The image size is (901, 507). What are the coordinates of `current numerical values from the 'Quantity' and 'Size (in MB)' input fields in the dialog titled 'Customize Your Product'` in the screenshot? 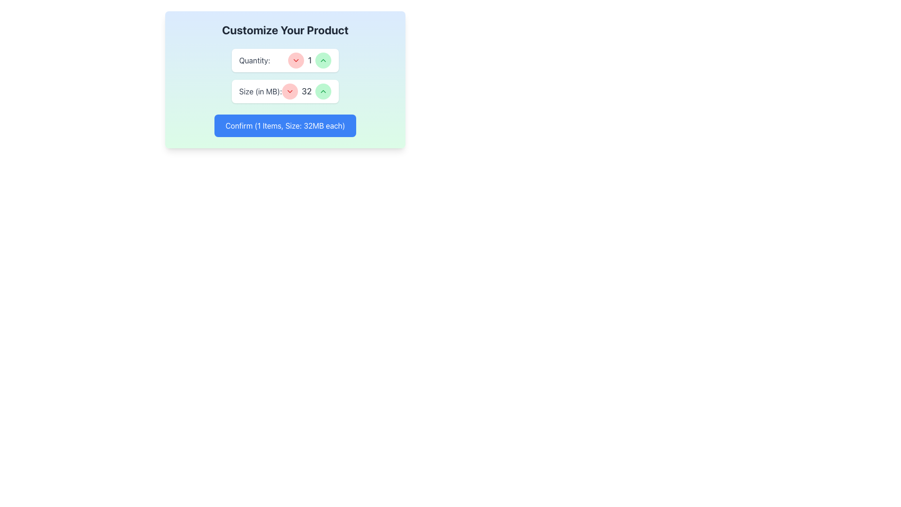 It's located at (285, 76).